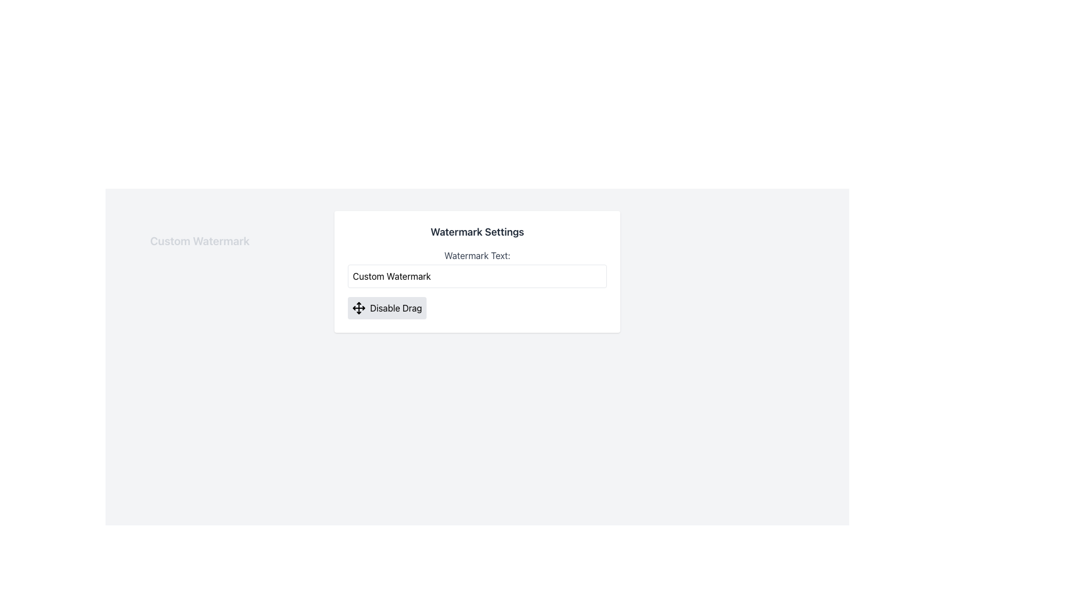 The height and width of the screenshot is (603, 1072). Describe the element at coordinates (387, 308) in the screenshot. I see `the rounded gray button labeled 'Disable Drag' located at the bottom-left corner of the 'Watermark Settings' box` at that location.